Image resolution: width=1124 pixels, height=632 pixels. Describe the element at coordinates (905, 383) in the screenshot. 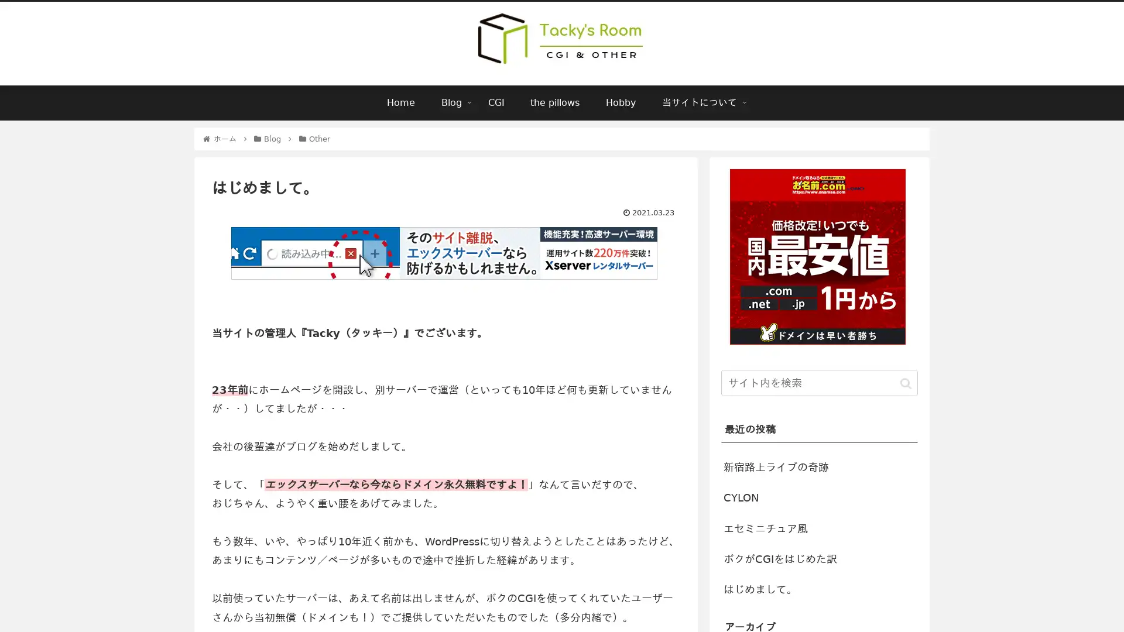

I see `button` at that location.